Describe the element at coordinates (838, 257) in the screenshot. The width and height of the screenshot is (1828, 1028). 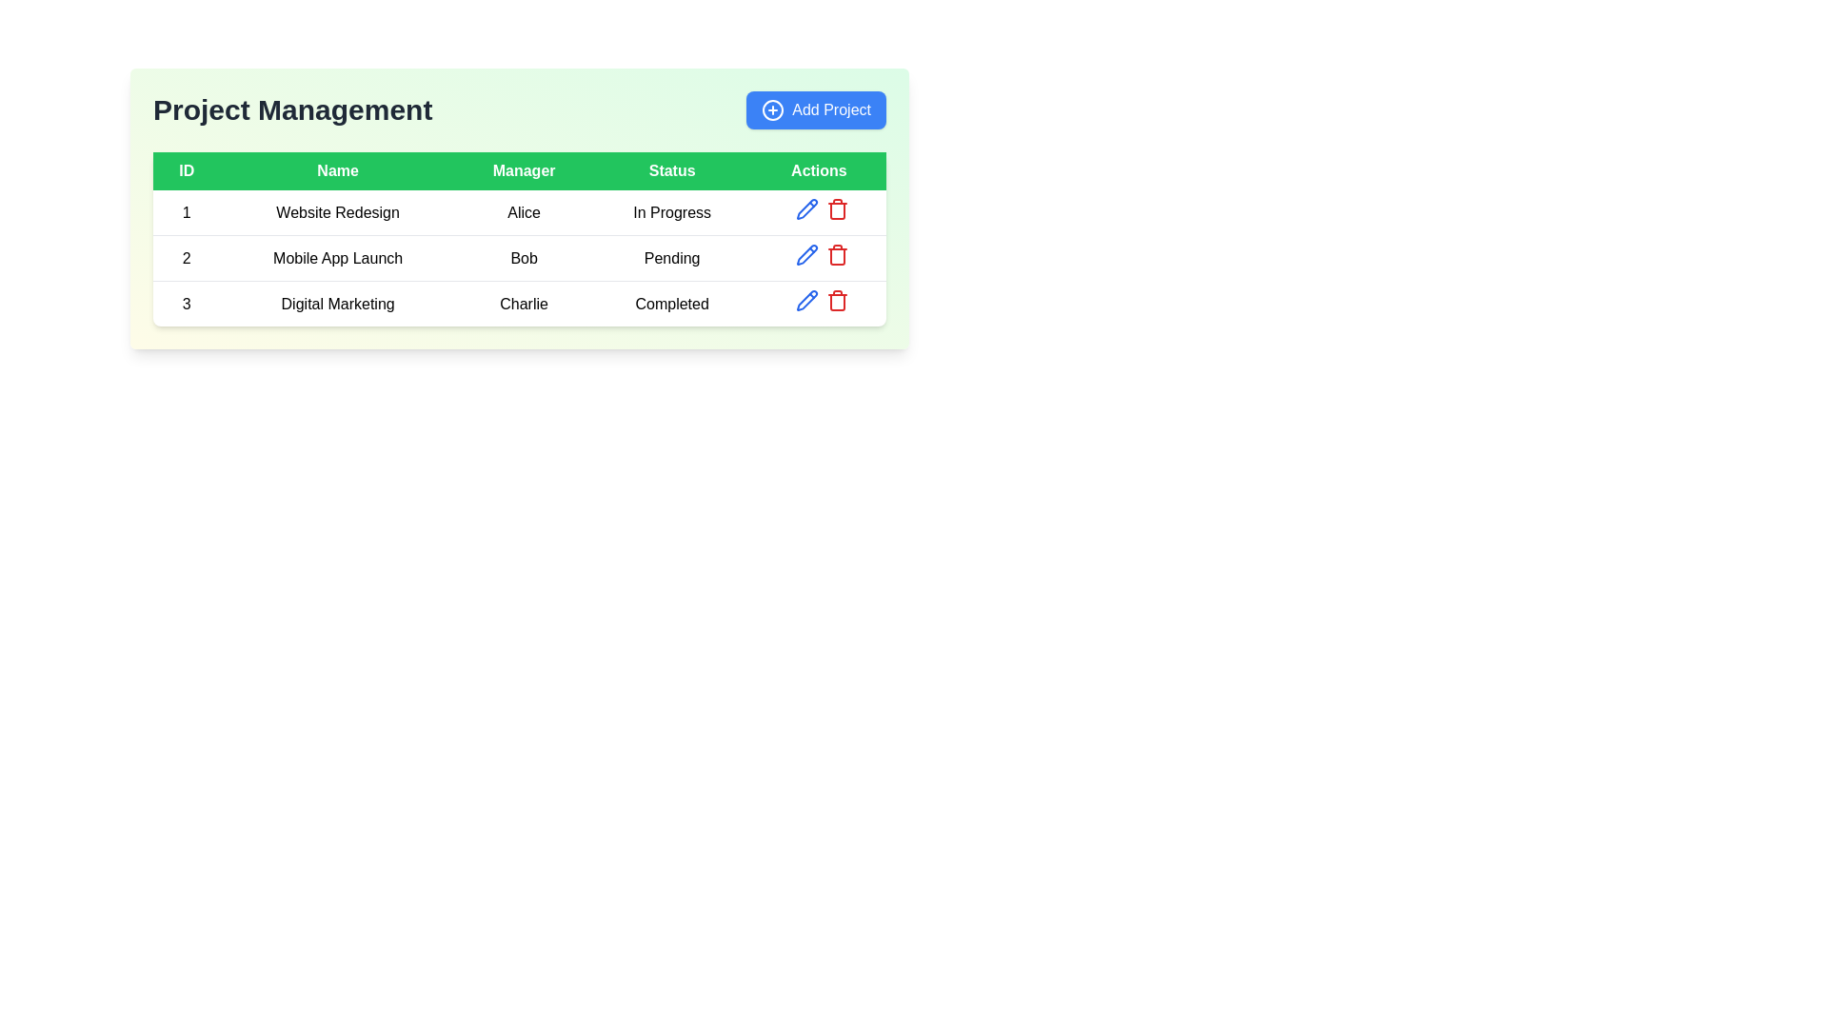
I see `the central part of the trash can icon located in the 'Actions' column of the third row of the table to signify a delete action` at that location.